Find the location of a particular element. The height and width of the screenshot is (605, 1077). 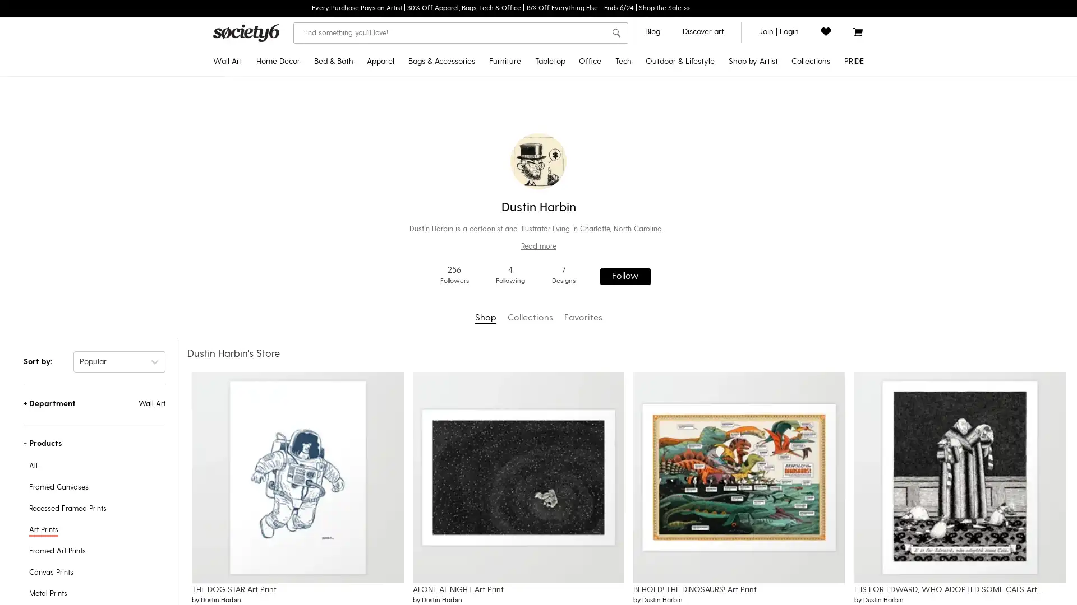

Pantone Color of 2022 is located at coordinates (769, 198).